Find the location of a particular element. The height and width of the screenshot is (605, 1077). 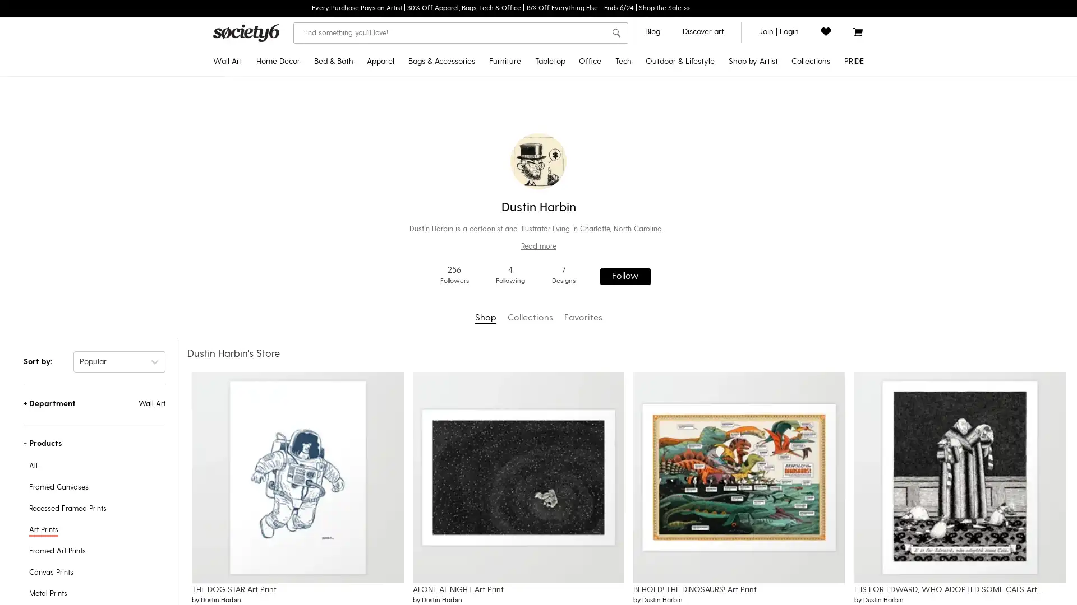

Pantone Color of 2022 is located at coordinates (769, 198).